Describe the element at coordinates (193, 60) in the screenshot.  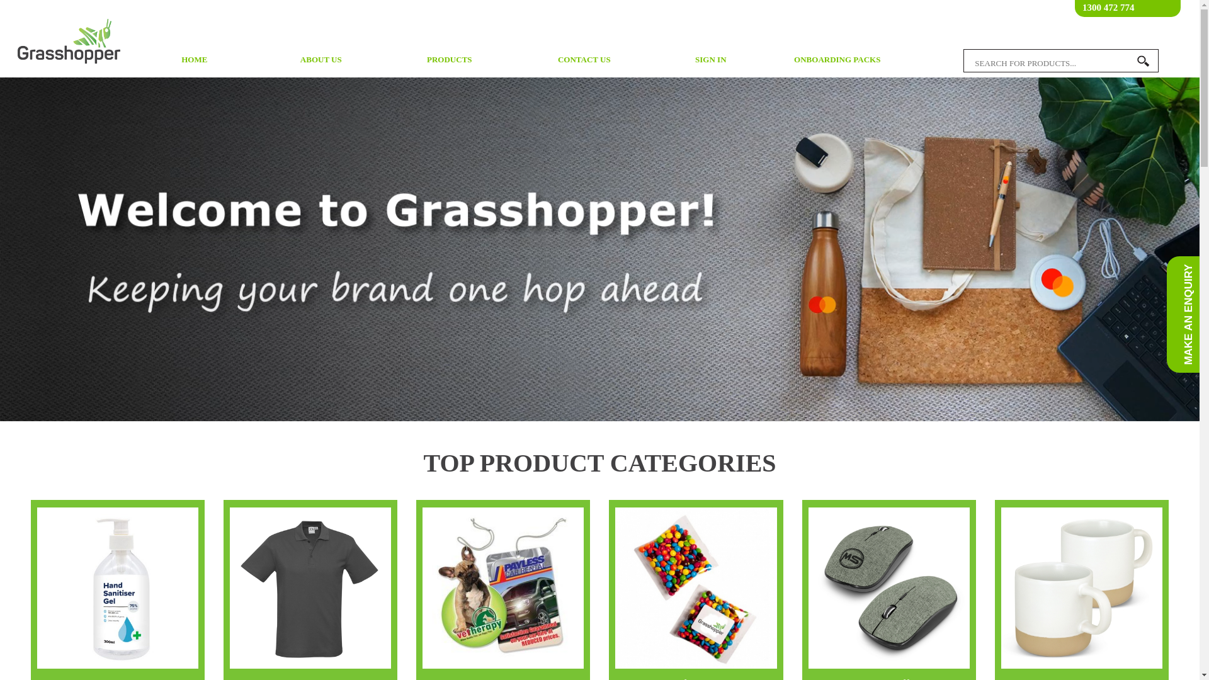
I see `'HOME'` at that location.